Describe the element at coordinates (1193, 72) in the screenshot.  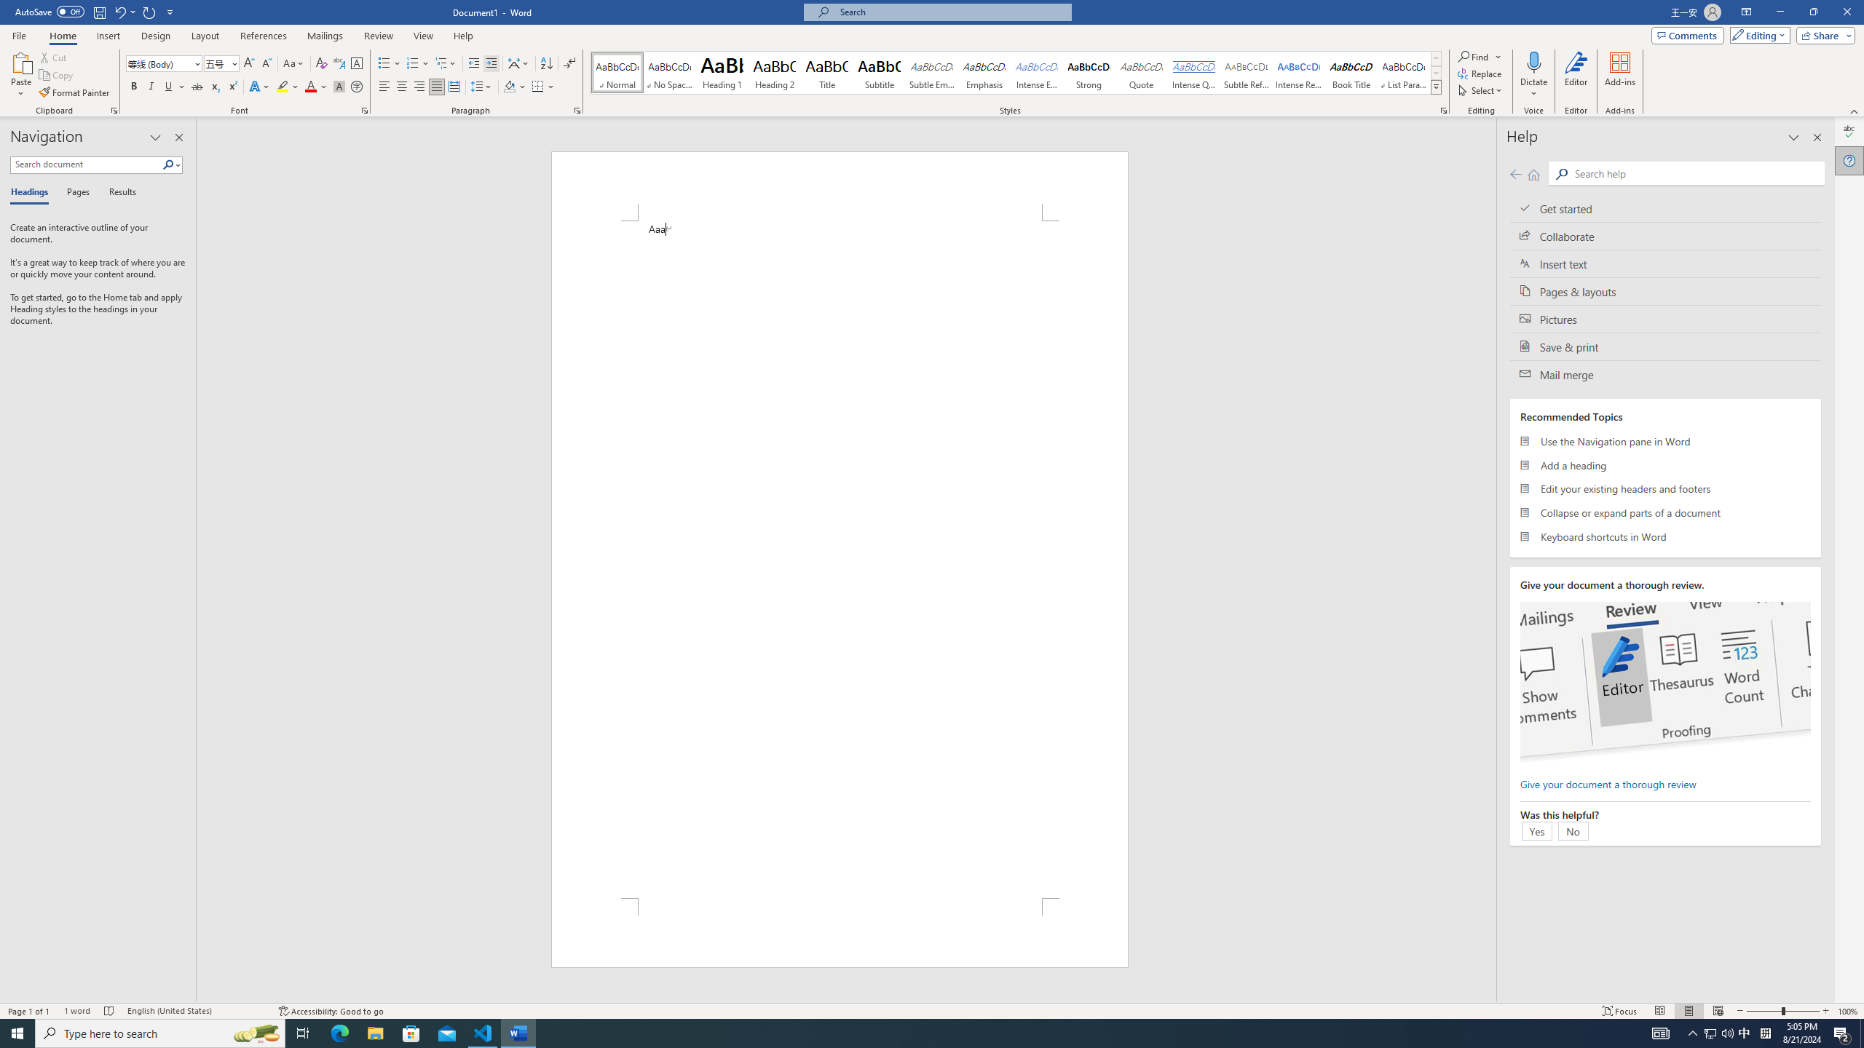
I see `'Intense Quote'` at that location.